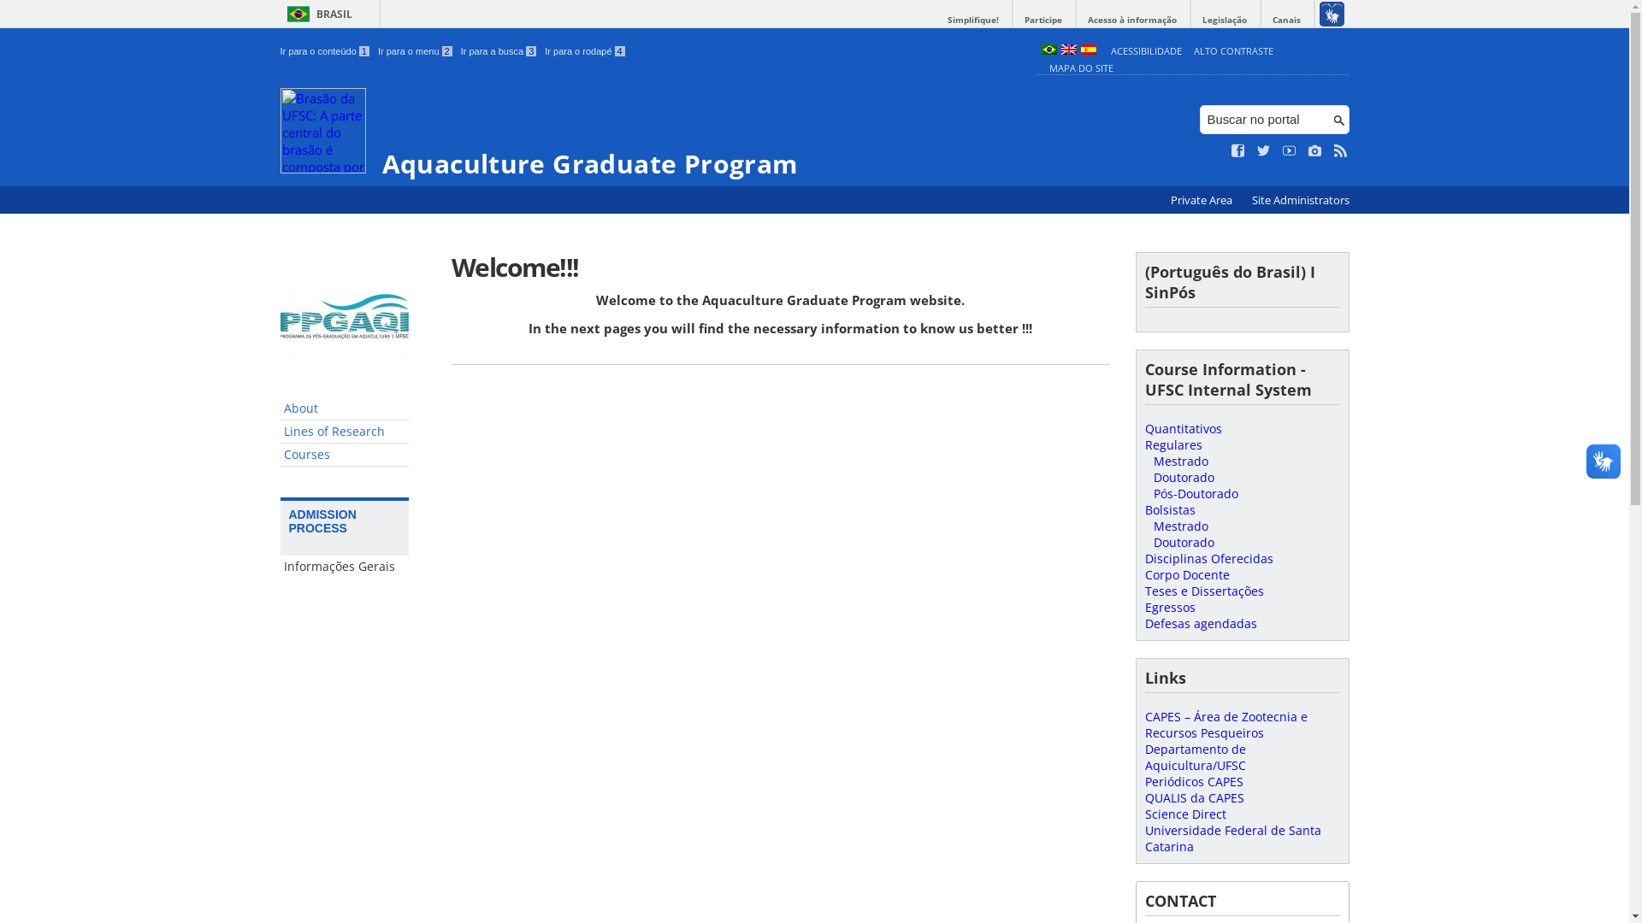 The width and height of the screenshot is (1642, 923). Describe the element at coordinates (344, 409) in the screenshot. I see `'About'` at that location.